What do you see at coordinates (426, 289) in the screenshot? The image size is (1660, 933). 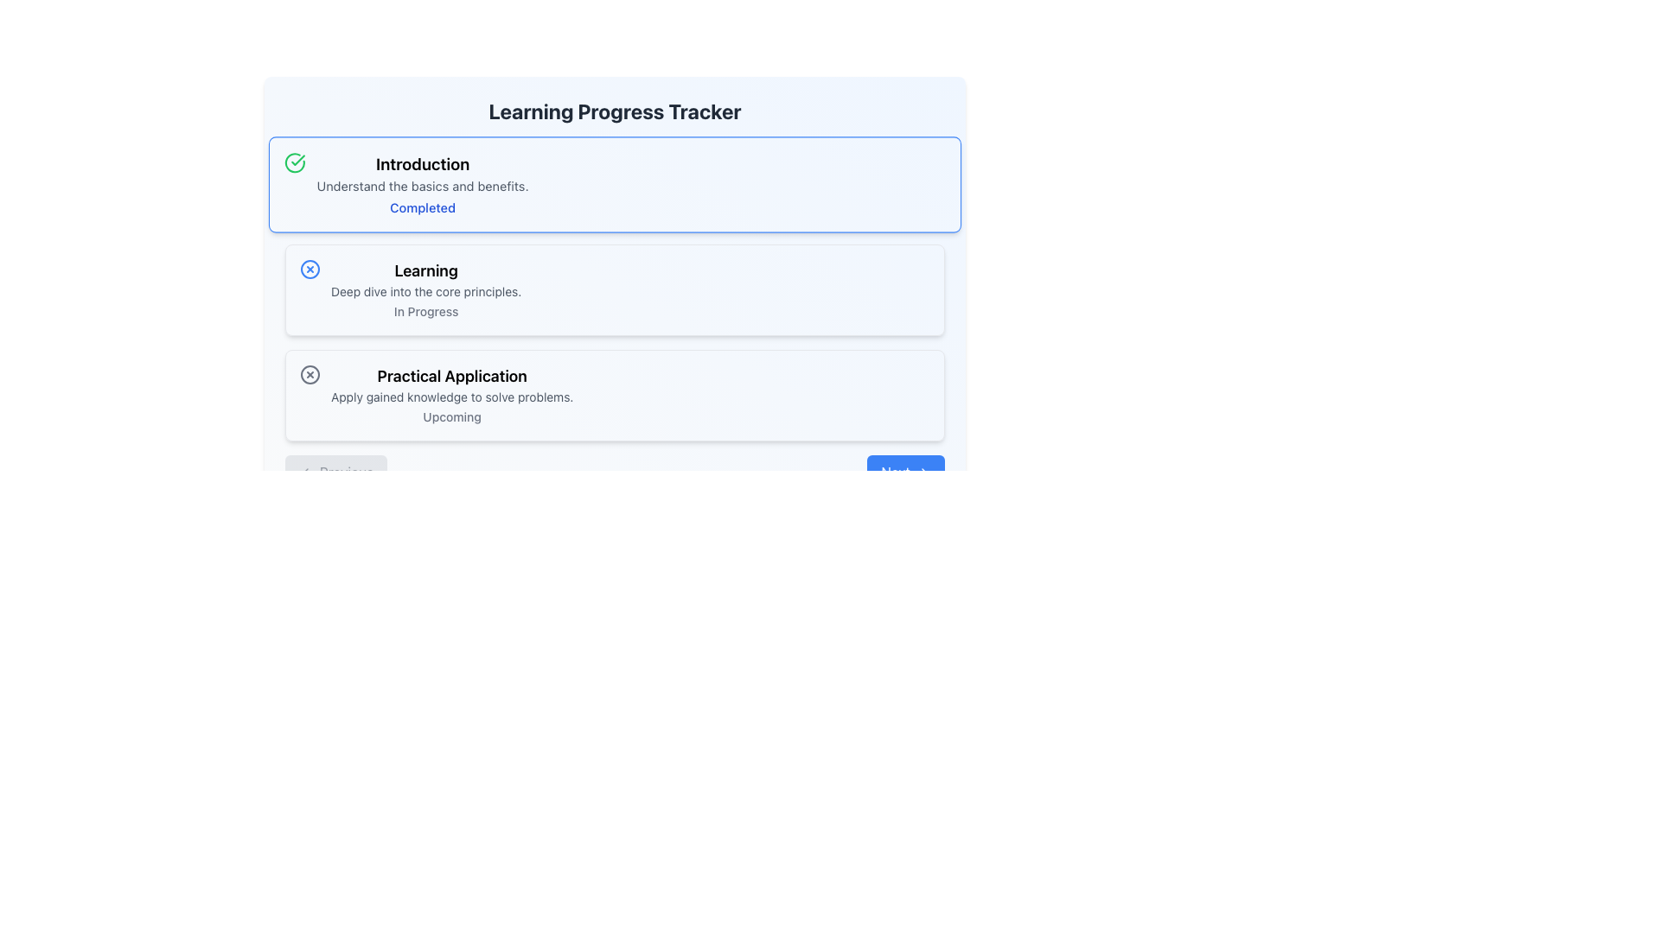 I see `informational display component containing structured text about the progress item labeled 'Learning', which provides the title, description, and current progress status` at bounding box center [426, 289].